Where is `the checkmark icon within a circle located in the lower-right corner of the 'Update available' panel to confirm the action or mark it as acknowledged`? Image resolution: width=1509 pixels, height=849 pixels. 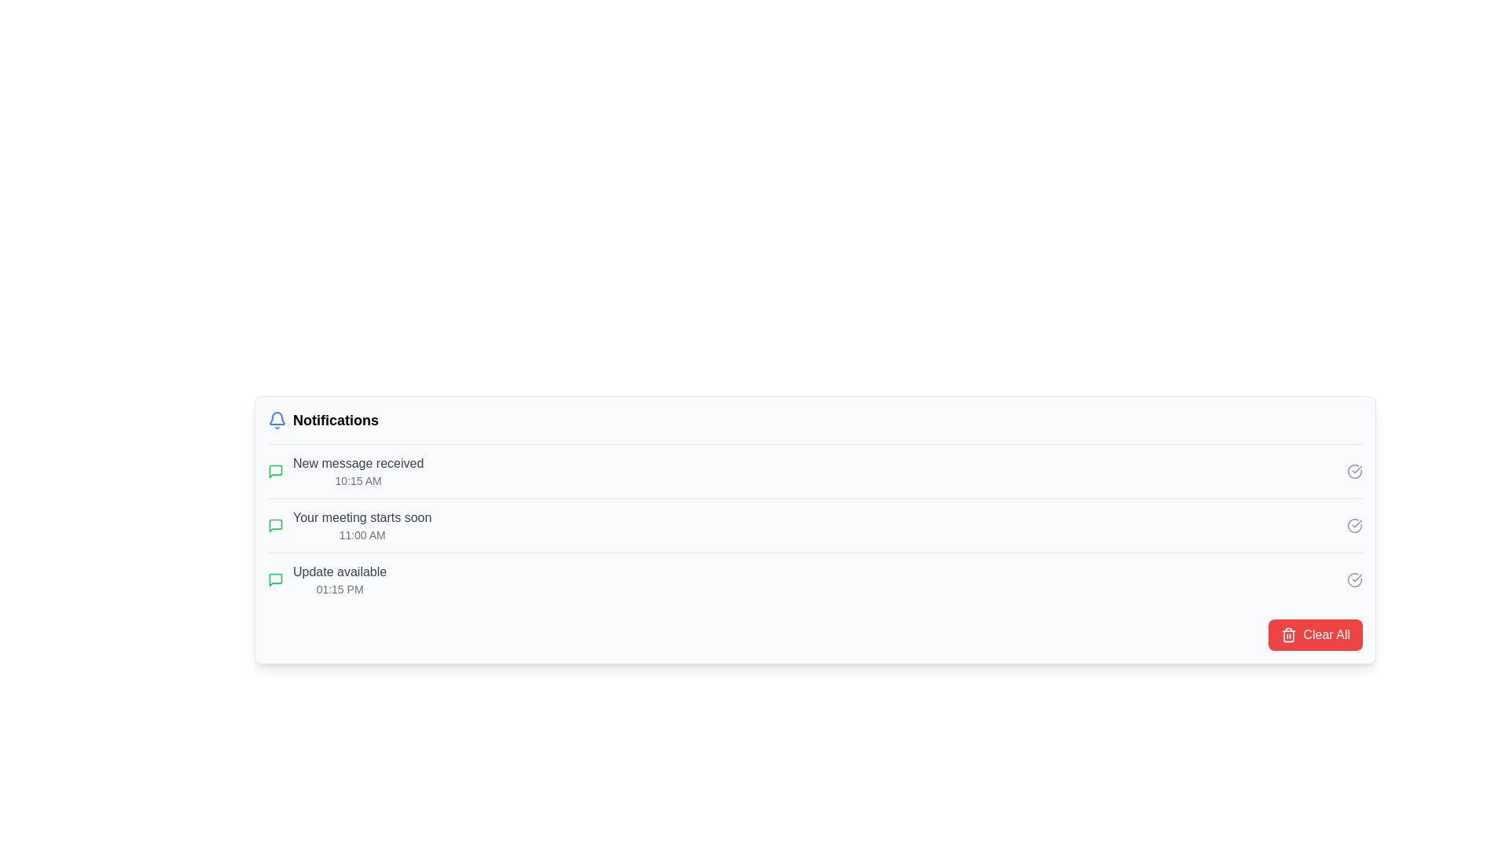
the checkmark icon within a circle located in the lower-right corner of the 'Update available' panel to confirm the action or mark it as acknowledged is located at coordinates (1353, 579).